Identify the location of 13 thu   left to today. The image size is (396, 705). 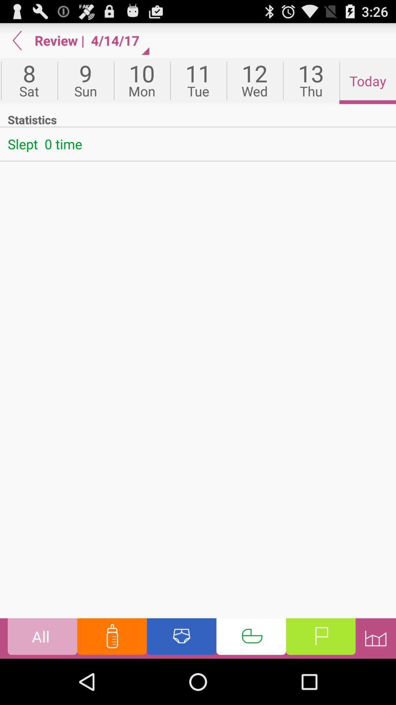
(311, 81).